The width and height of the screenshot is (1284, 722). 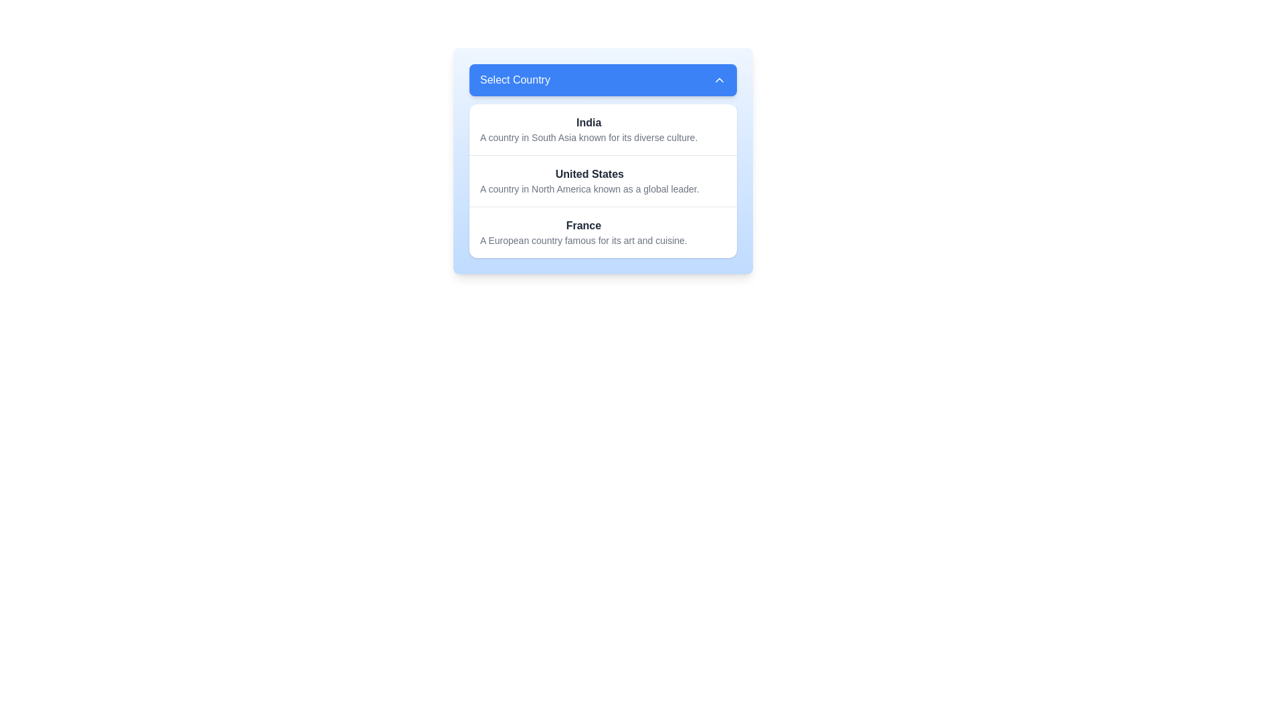 I want to click on the first selectable list item displaying 'India', so click(x=603, y=129).